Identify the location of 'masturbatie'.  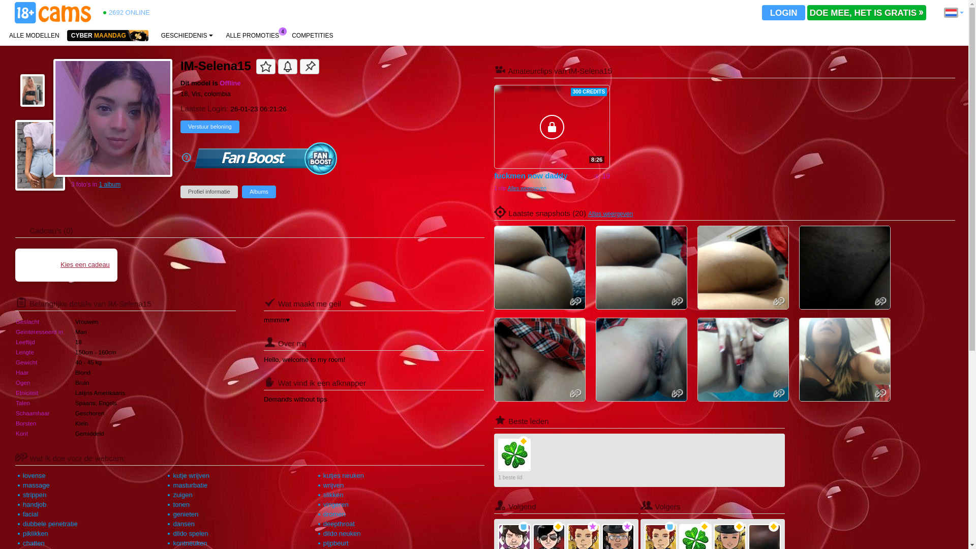
(190, 484).